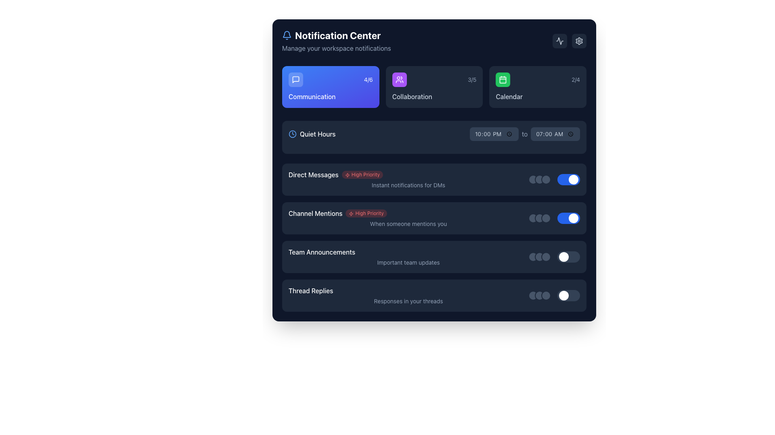 This screenshot has width=775, height=435. What do you see at coordinates (292, 133) in the screenshot?
I see `the circular vector element within the clock-shaped SVG graphic, located near the top-left section of the interface adjacent to the 'Quiet Hours' label` at bounding box center [292, 133].